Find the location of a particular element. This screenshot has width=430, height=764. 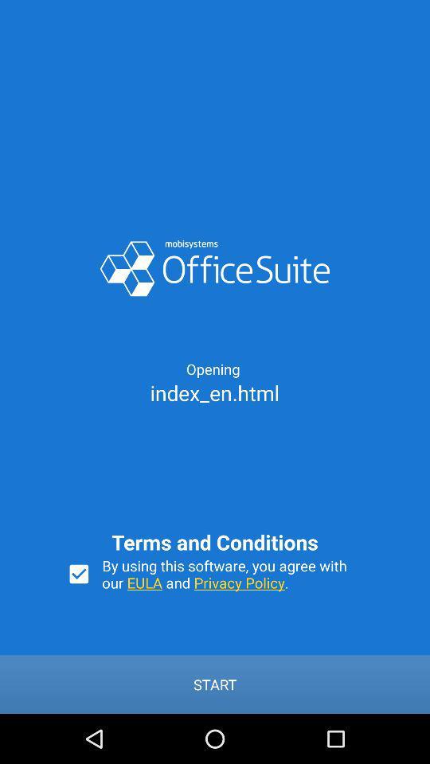

the start button is located at coordinates (215, 684).